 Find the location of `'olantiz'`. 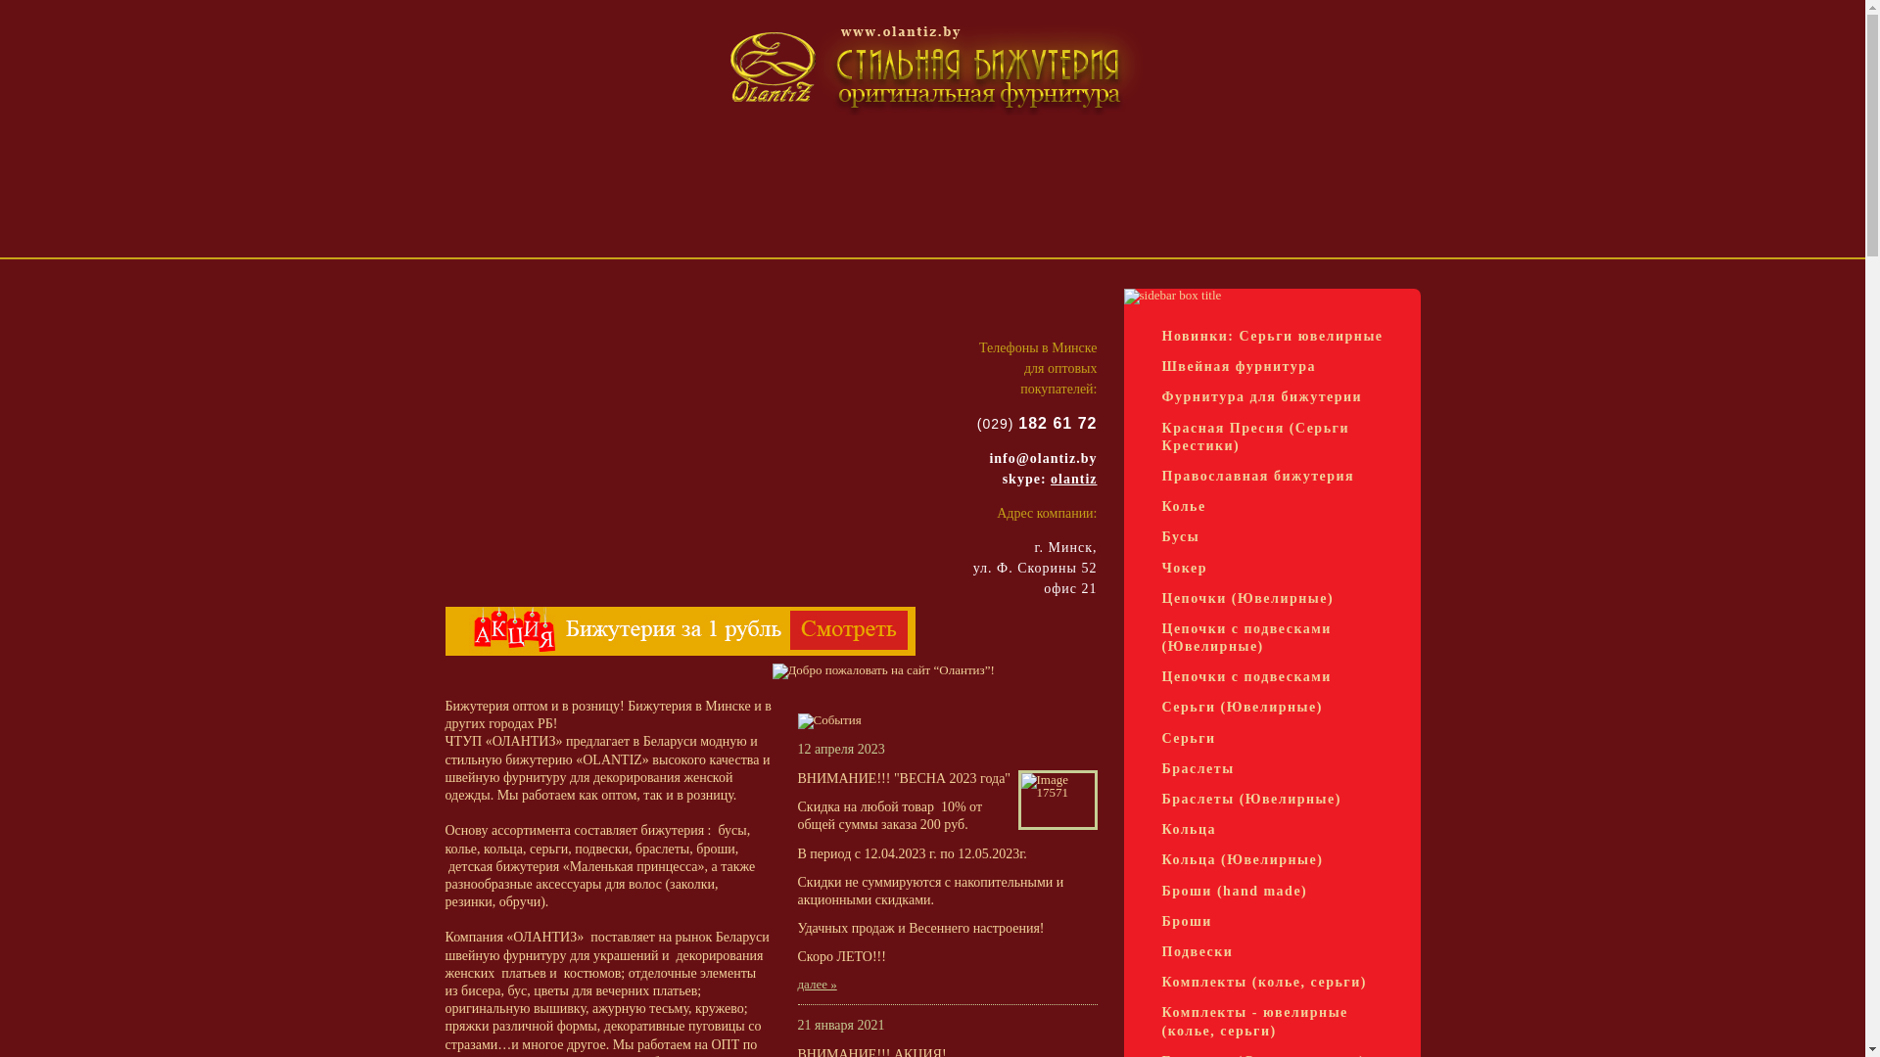

'olantiz' is located at coordinates (1050, 479).